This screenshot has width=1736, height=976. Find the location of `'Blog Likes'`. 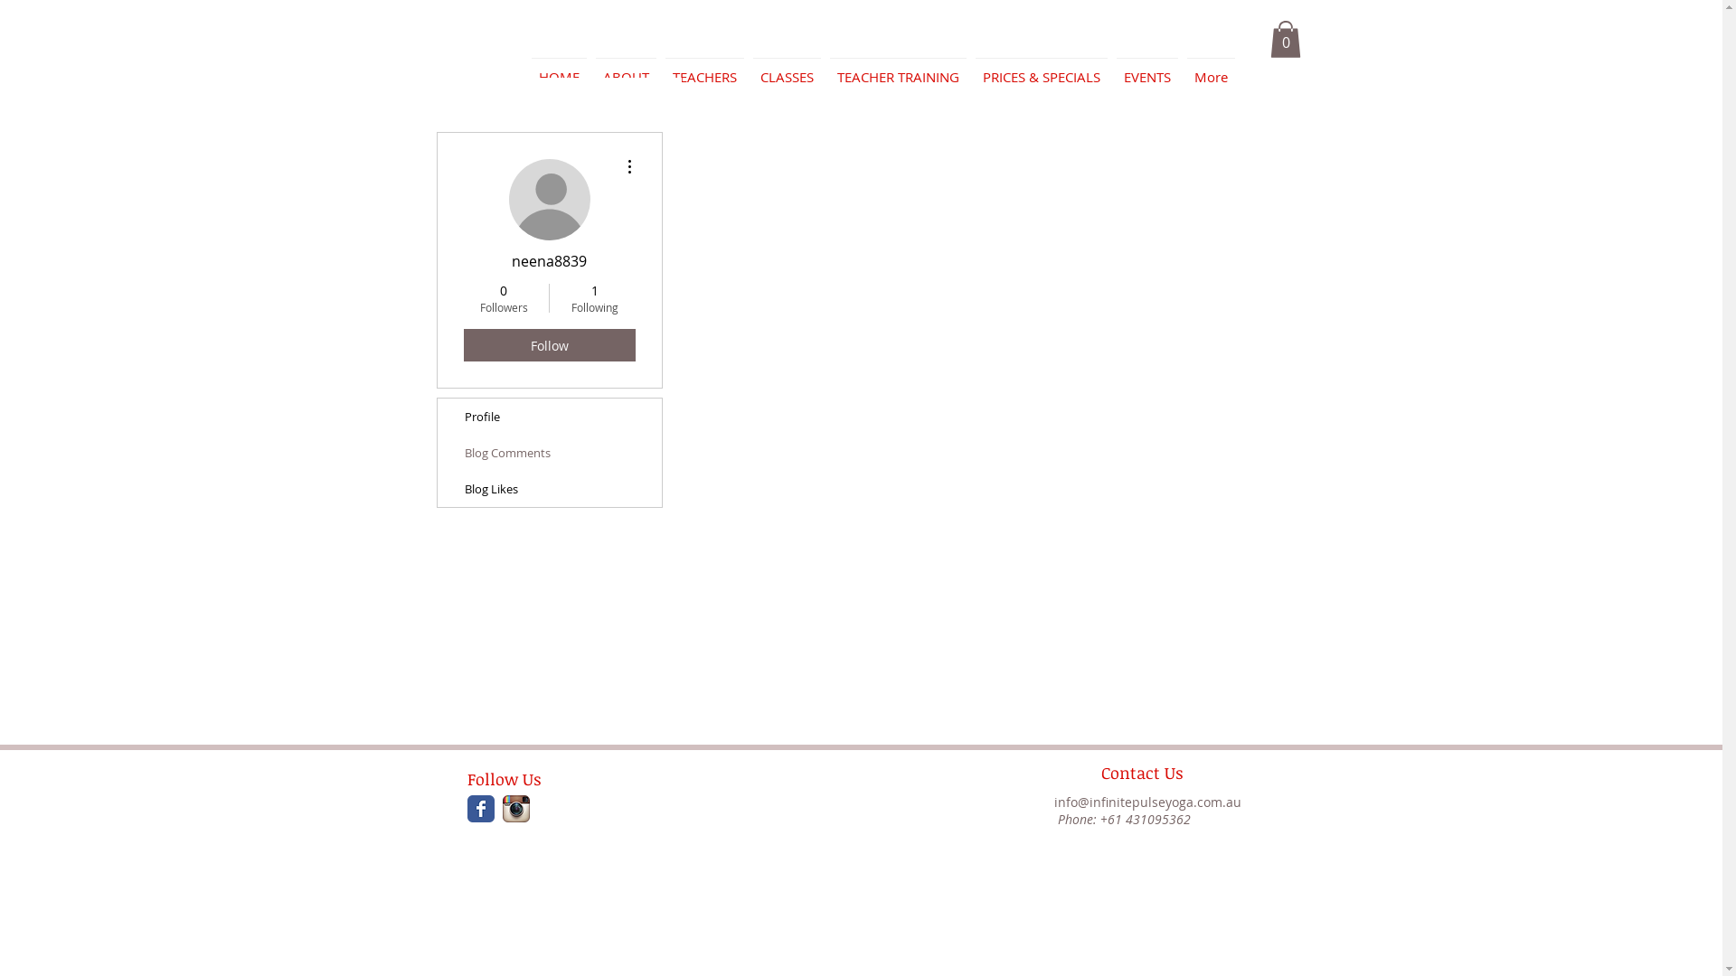

'Blog Likes' is located at coordinates (549, 488).